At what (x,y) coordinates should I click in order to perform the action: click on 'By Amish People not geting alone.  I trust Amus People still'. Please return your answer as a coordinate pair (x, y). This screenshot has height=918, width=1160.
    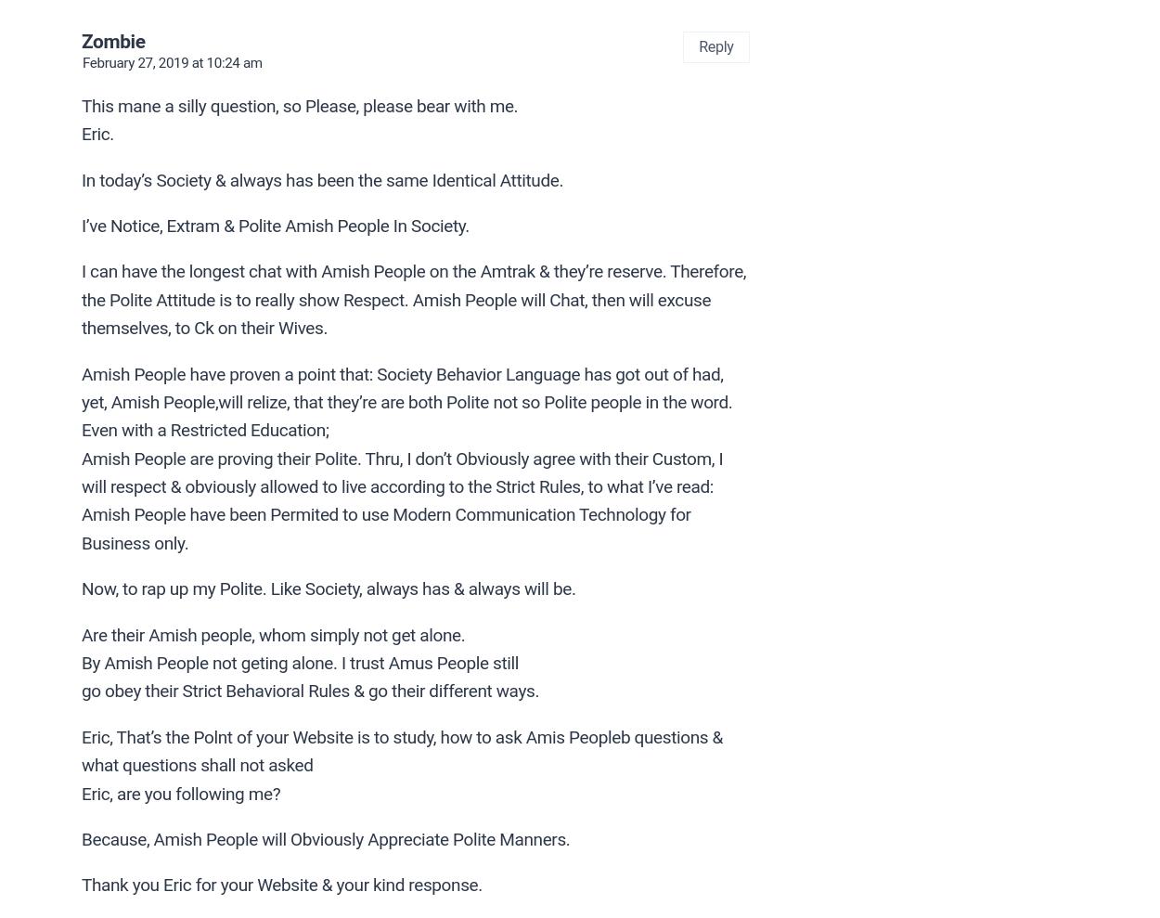
    Looking at the image, I should click on (299, 662).